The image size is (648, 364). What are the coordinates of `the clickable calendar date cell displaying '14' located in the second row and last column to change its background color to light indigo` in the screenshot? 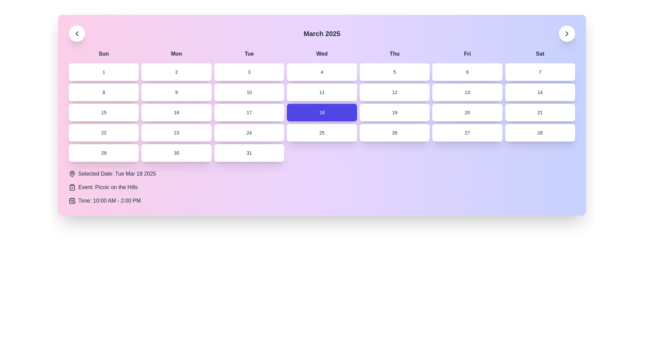 It's located at (540, 92).